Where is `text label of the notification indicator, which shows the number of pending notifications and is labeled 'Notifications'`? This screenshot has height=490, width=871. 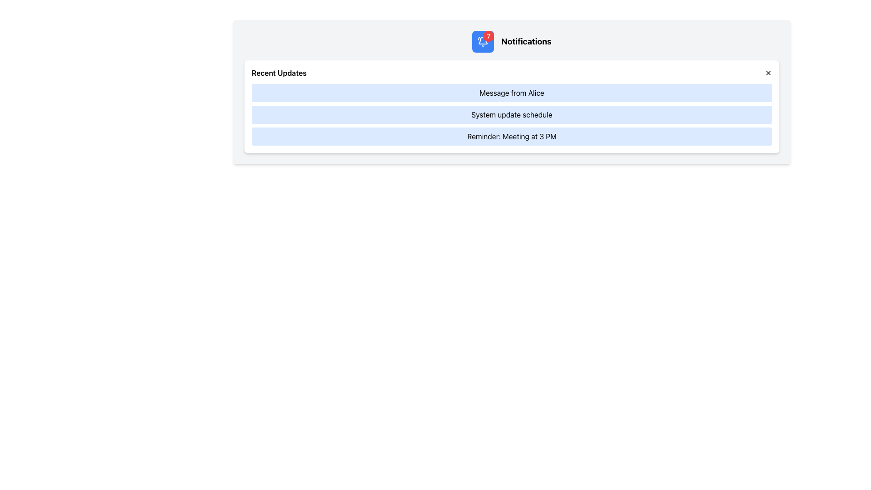 text label of the notification indicator, which shows the number of pending notifications and is labeled 'Notifications' is located at coordinates (512, 42).